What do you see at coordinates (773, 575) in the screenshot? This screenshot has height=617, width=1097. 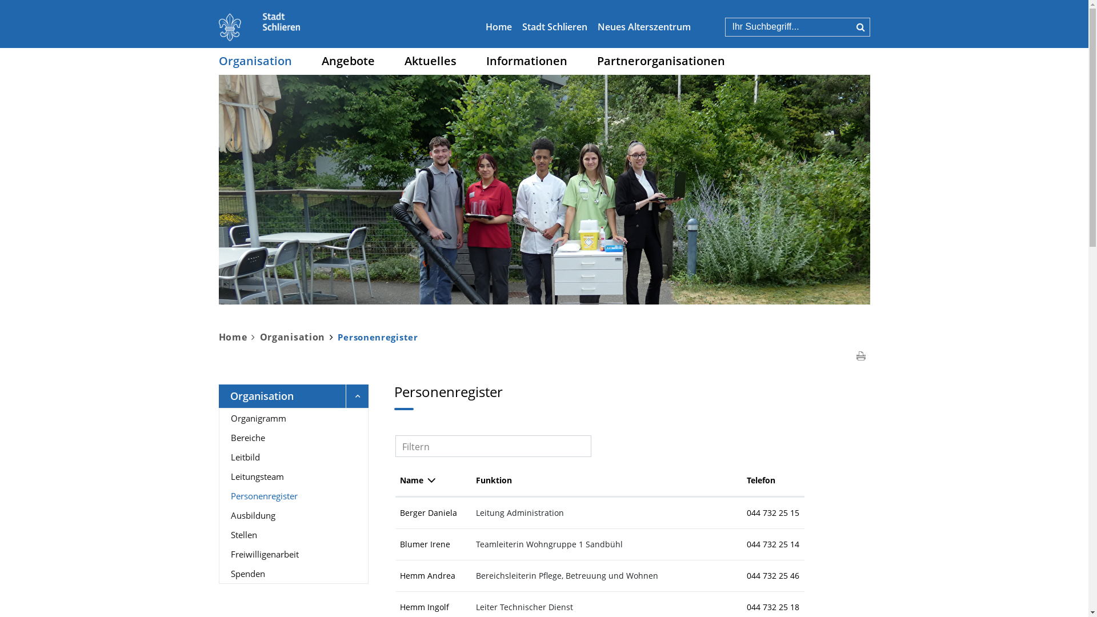 I see `'044 732 25 46'` at bounding box center [773, 575].